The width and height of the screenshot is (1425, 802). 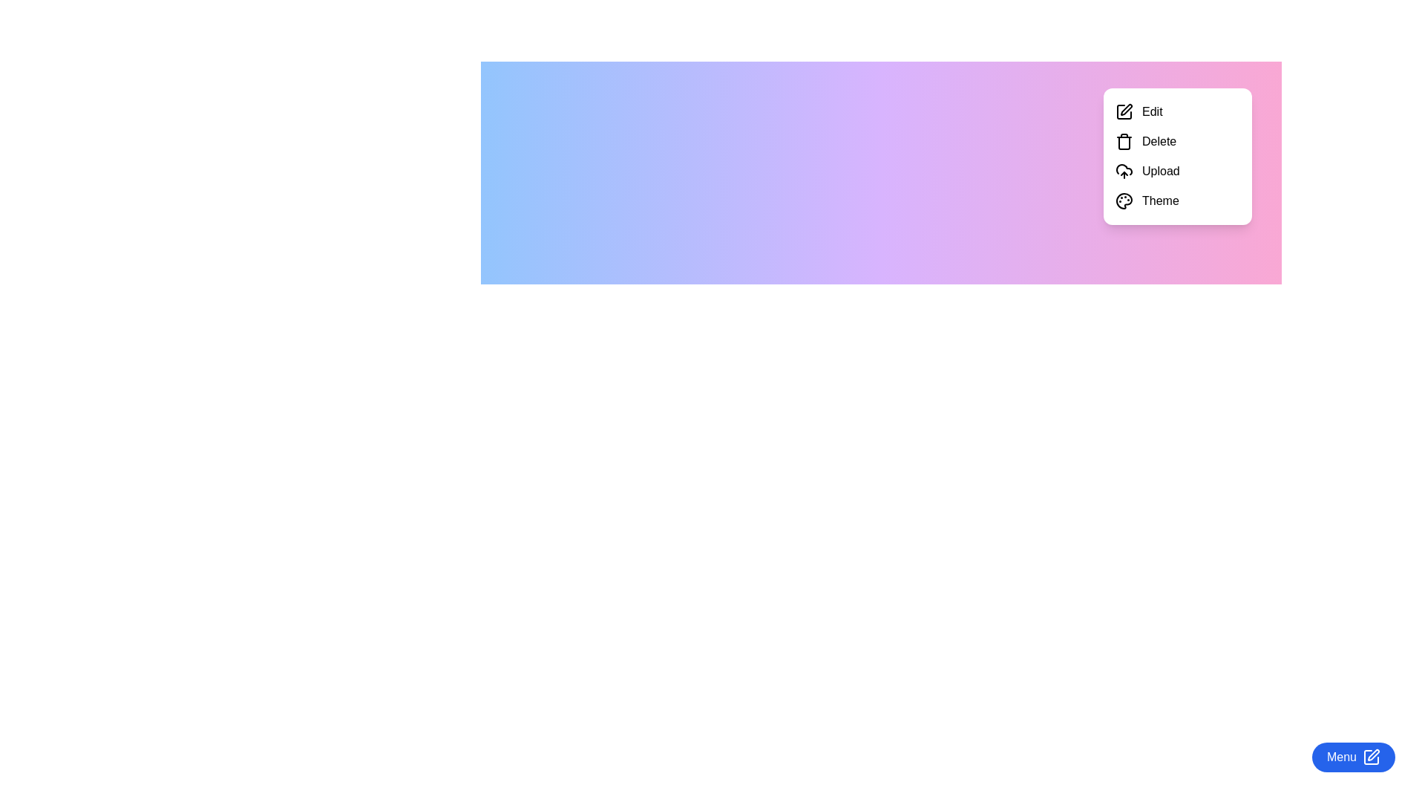 I want to click on the Theme menu option, so click(x=1177, y=200).